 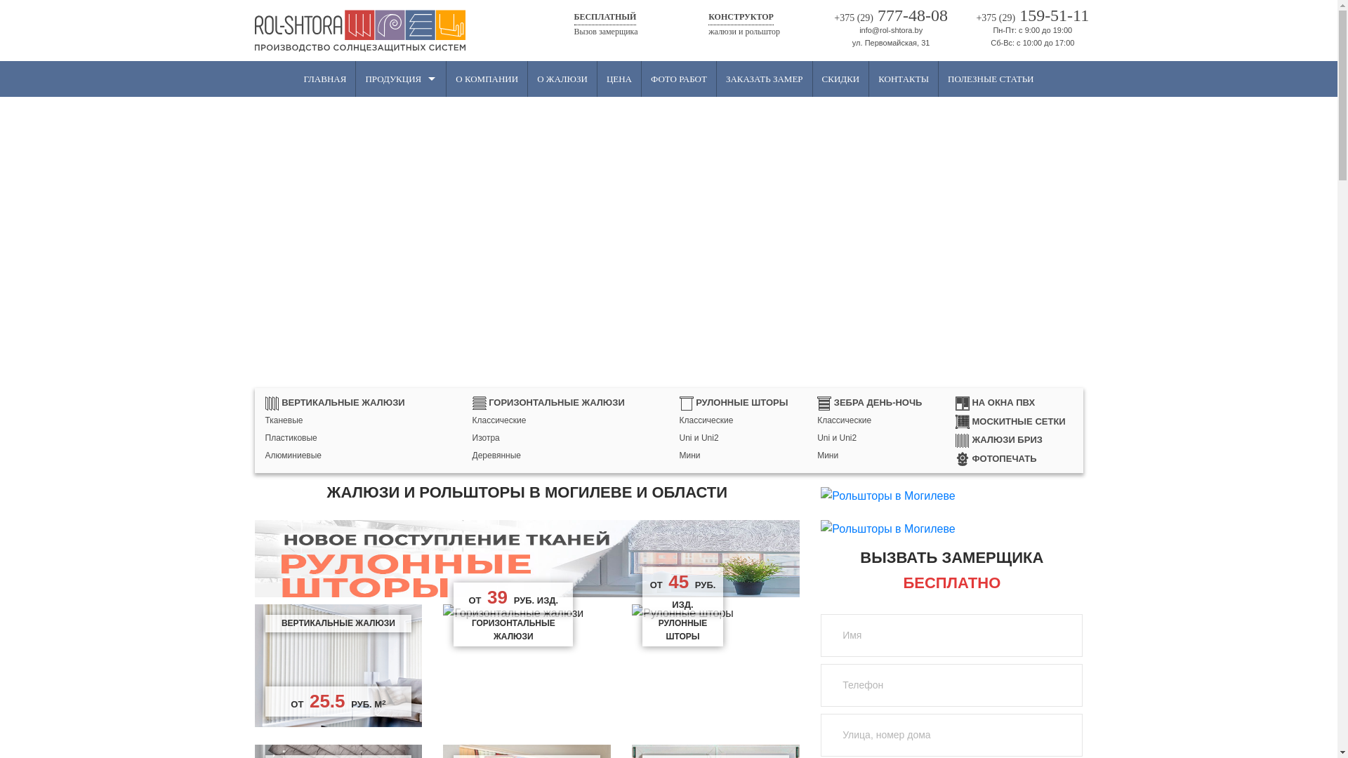 I want to click on 'info@rol-shtora.by', so click(x=890, y=29).